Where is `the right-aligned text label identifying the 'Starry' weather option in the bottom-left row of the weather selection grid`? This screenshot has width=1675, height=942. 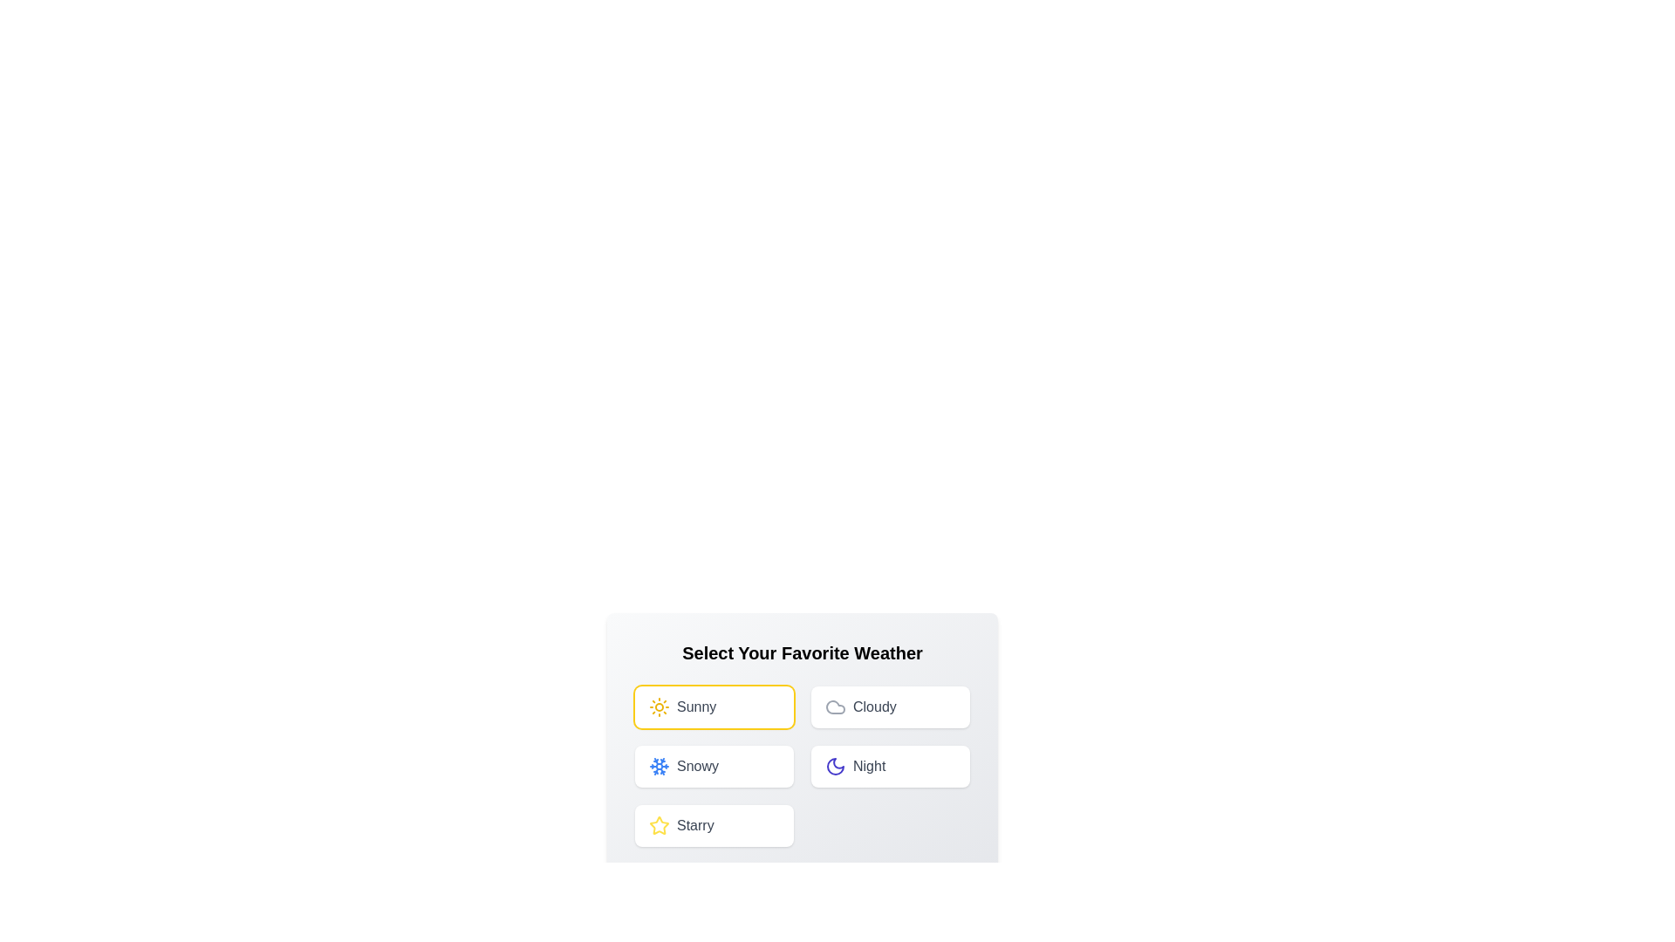
the right-aligned text label identifying the 'Starry' weather option in the bottom-left row of the weather selection grid is located at coordinates (694, 825).